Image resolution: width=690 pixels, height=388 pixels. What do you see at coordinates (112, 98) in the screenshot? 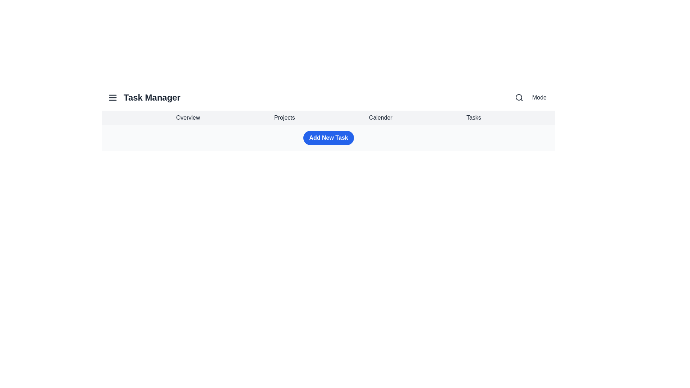
I see `the menu button to toggle the menu's visibility` at bounding box center [112, 98].